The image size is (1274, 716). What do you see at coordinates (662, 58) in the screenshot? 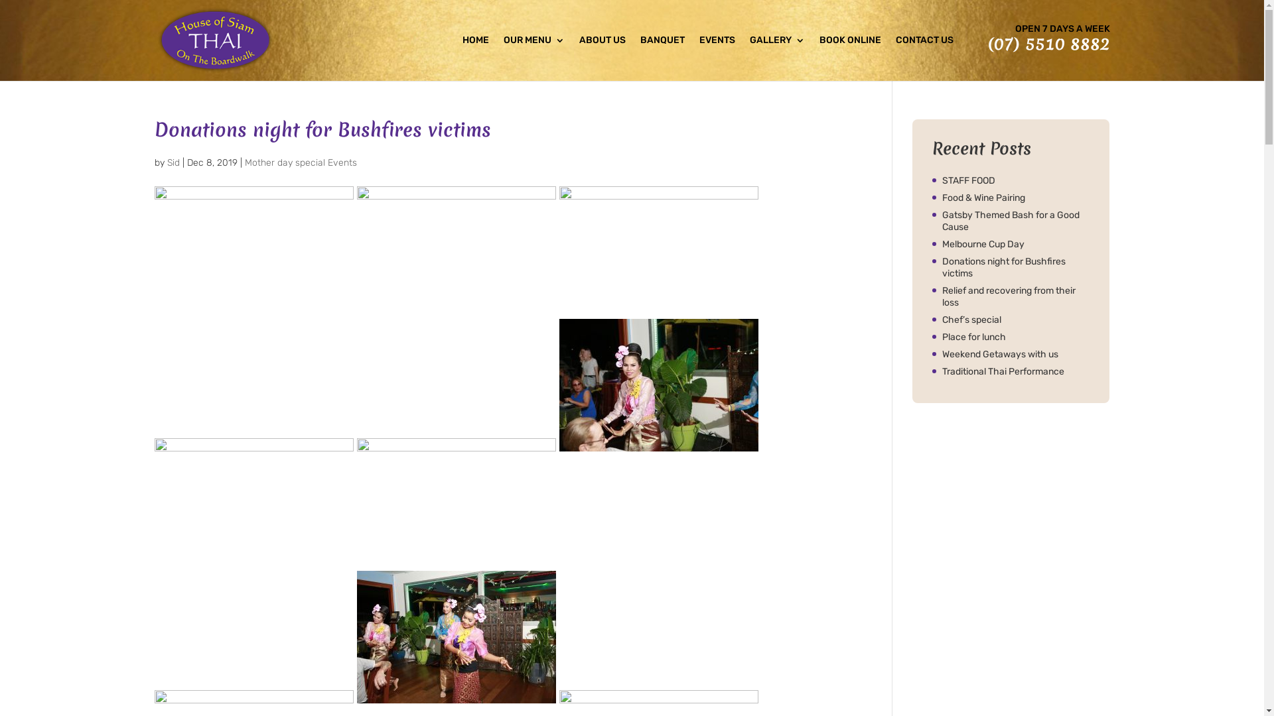
I see `'BANQUET'` at bounding box center [662, 58].